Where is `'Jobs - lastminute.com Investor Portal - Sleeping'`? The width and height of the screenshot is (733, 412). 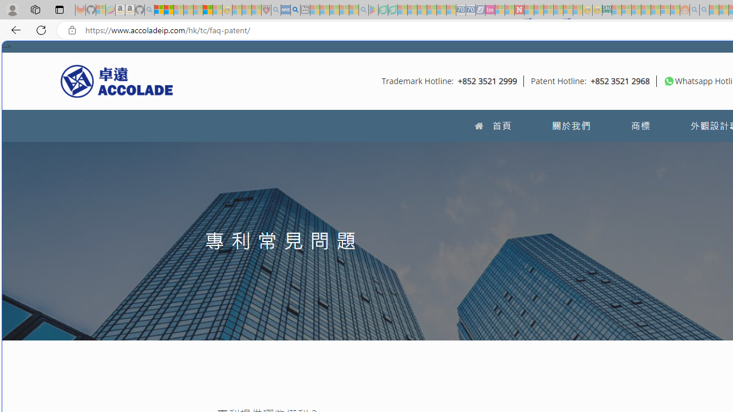 'Jobs - lastminute.com Investor Portal - Sleeping' is located at coordinates (490, 10).